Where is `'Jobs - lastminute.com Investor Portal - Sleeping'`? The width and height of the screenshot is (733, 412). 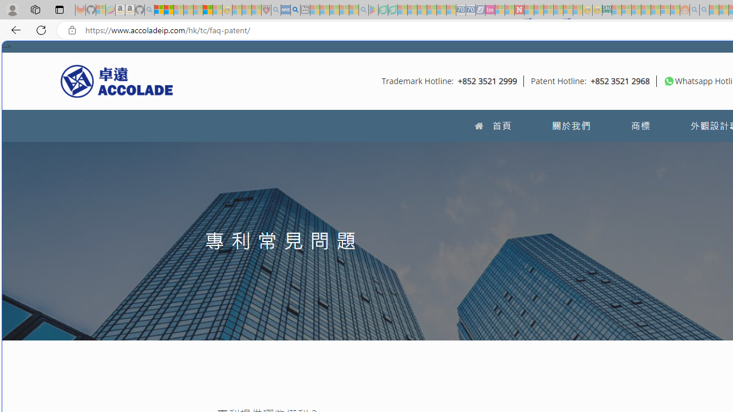 'Jobs - lastminute.com Investor Portal - Sleeping' is located at coordinates (490, 10).